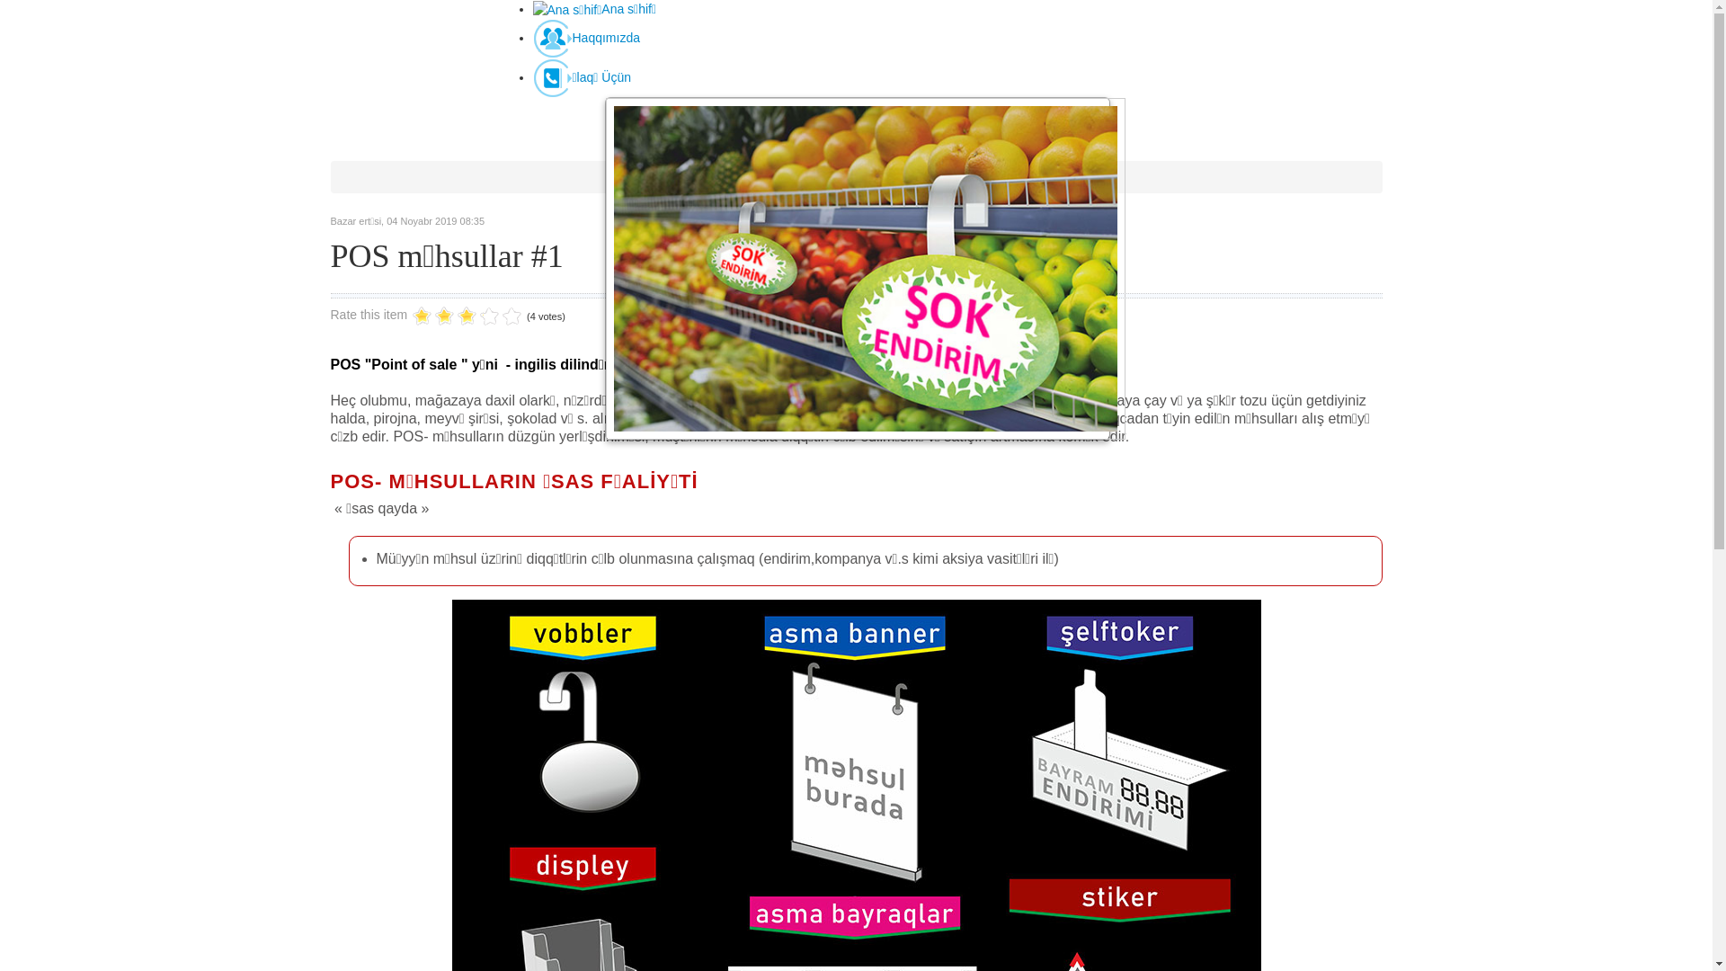 The height and width of the screenshot is (971, 1726). Describe the element at coordinates (467, 316) in the screenshot. I see `'5'` at that location.